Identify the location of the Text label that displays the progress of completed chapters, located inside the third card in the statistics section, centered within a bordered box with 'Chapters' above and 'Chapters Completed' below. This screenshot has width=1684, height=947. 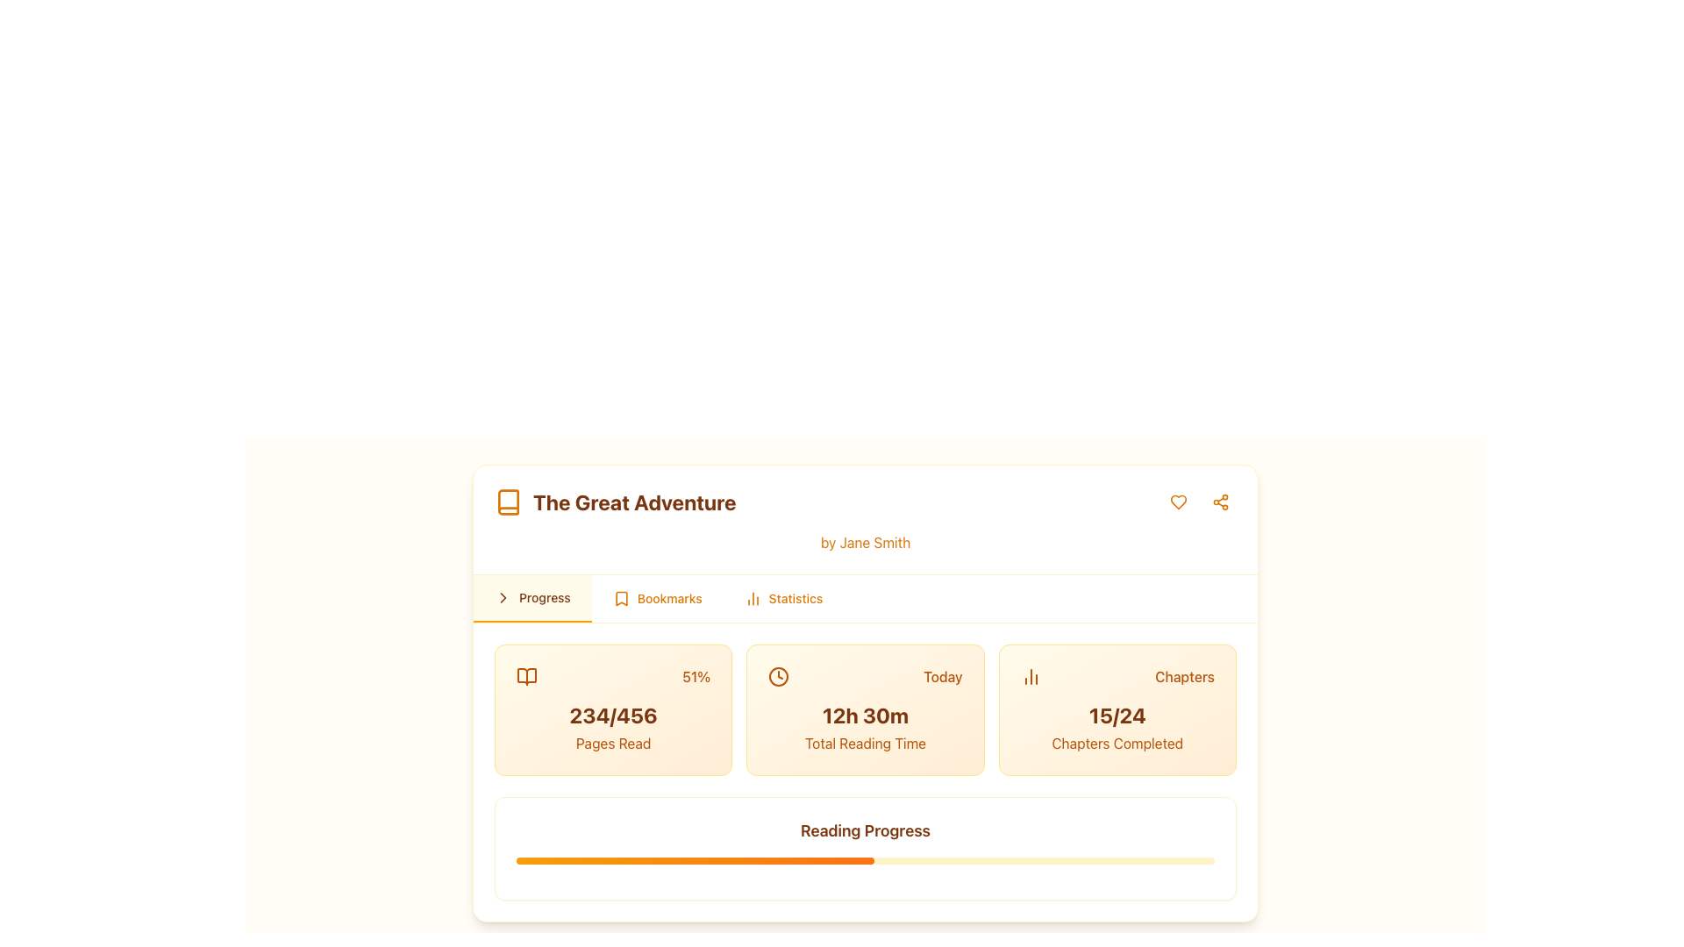
(1117, 716).